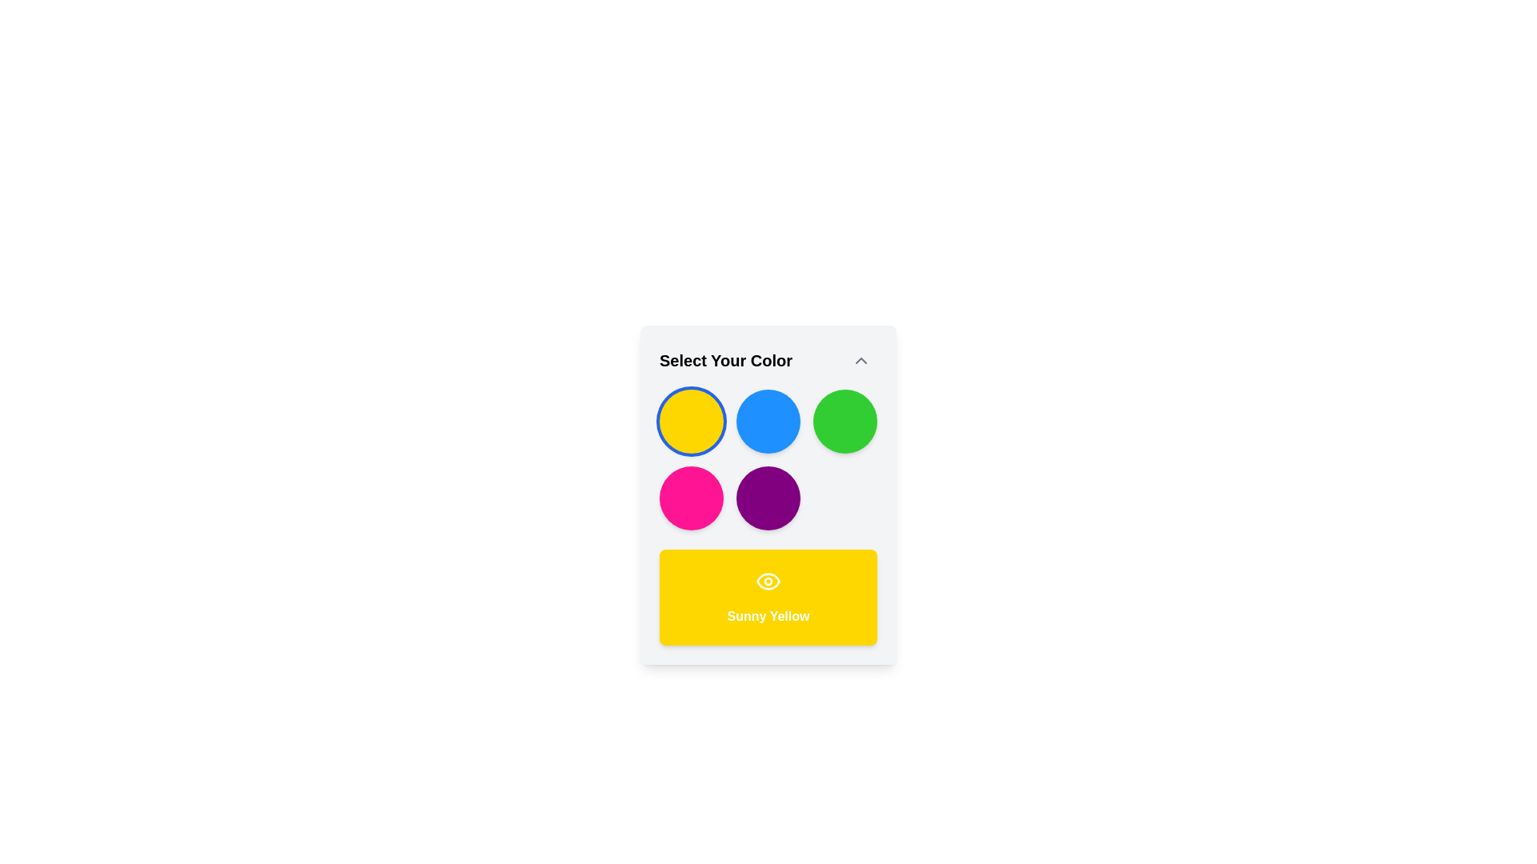  Describe the element at coordinates (768, 421) in the screenshot. I see `the 'Ocean Blue' button located in the first row, second column of the 3x3 grid` at that location.